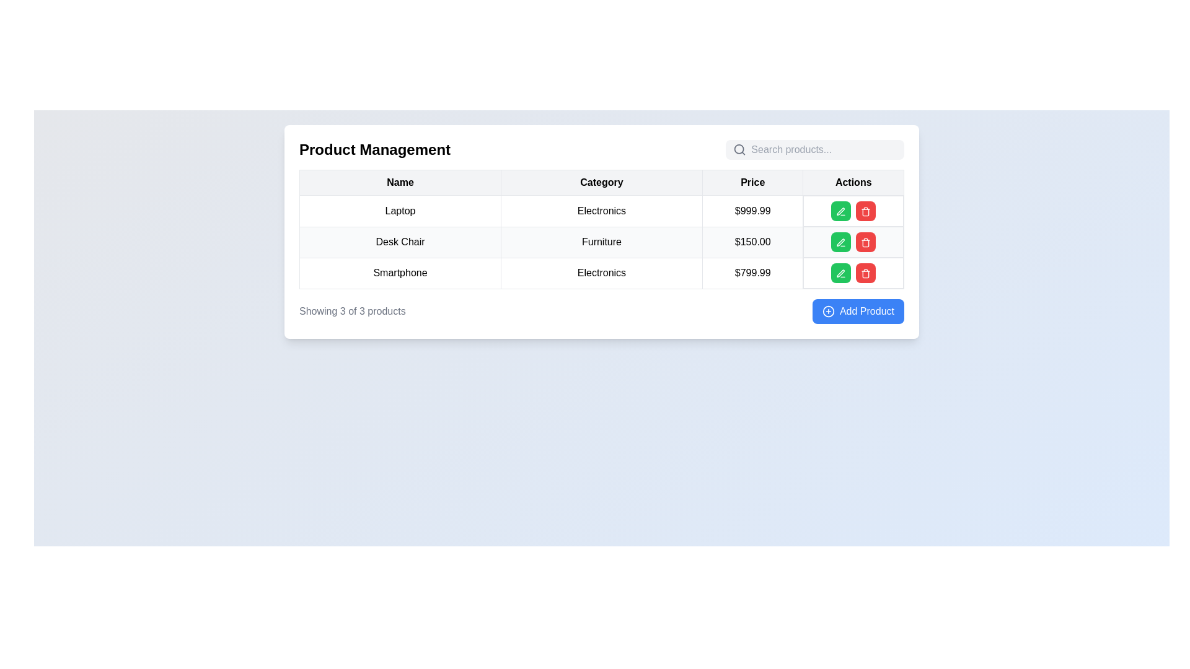 The width and height of the screenshot is (1190, 669). What do you see at coordinates (840, 242) in the screenshot?
I see `the icon button in the 'Actions' column of the 'Product Management' table, located in the second row` at bounding box center [840, 242].